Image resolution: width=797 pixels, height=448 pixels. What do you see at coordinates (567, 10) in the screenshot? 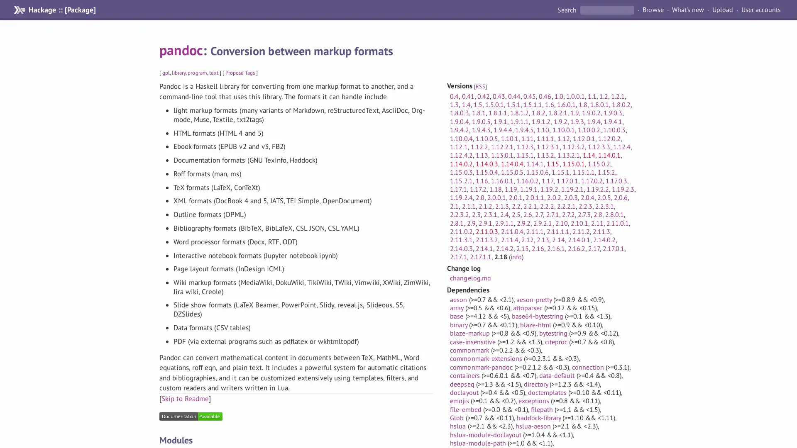
I see `Search` at bounding box center [567, 10].